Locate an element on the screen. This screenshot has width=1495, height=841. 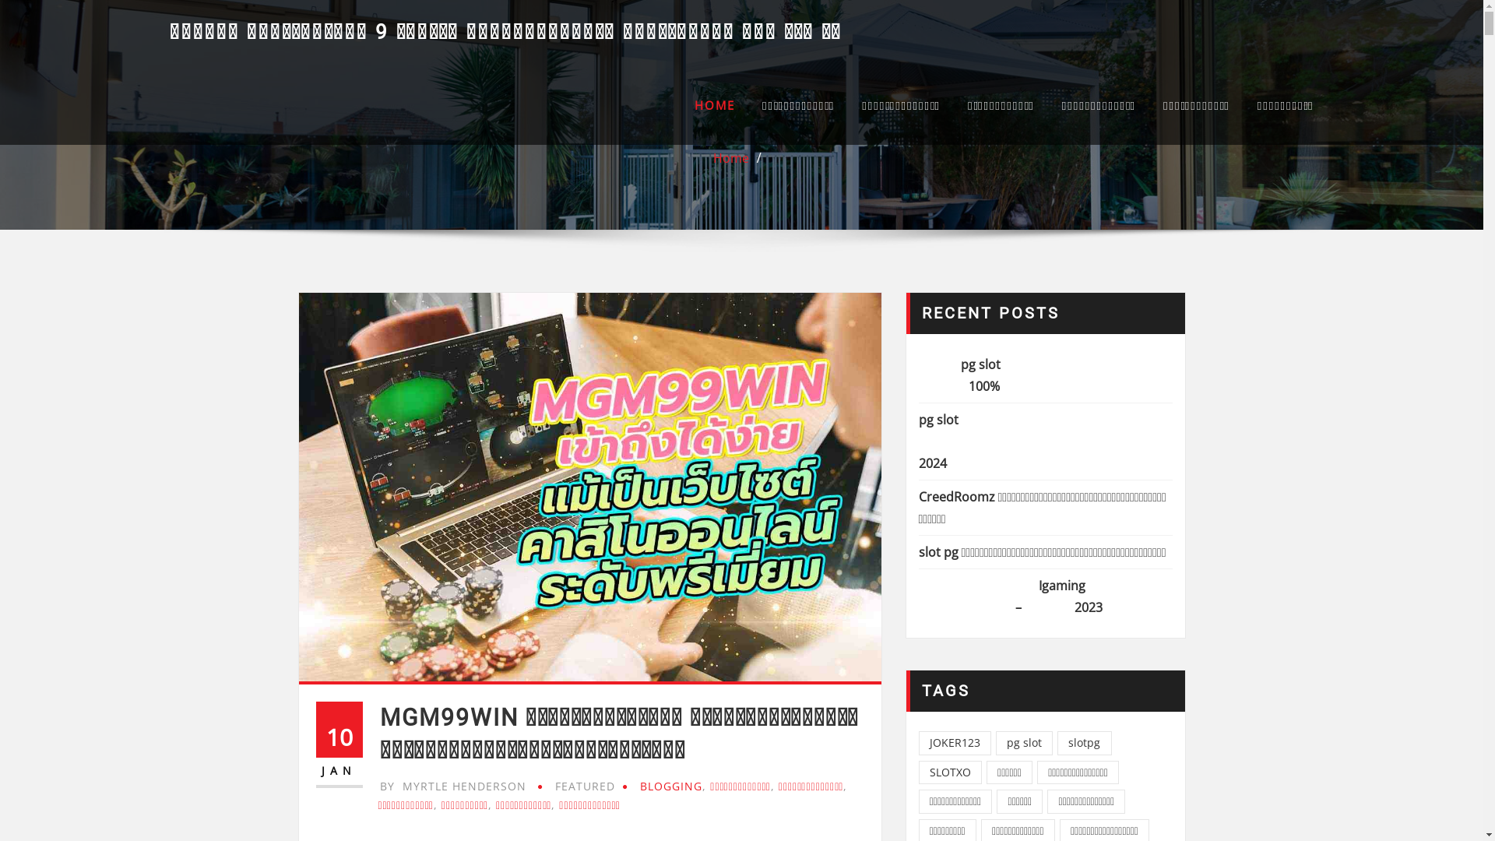
'slotpg' is located at coordinates (1083, 742).